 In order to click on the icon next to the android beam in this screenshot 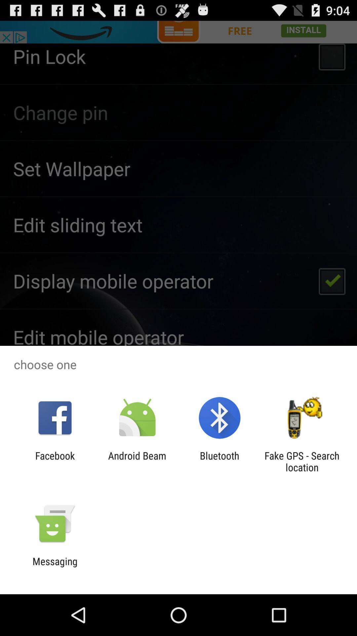, I will do `click(55, 461)`.